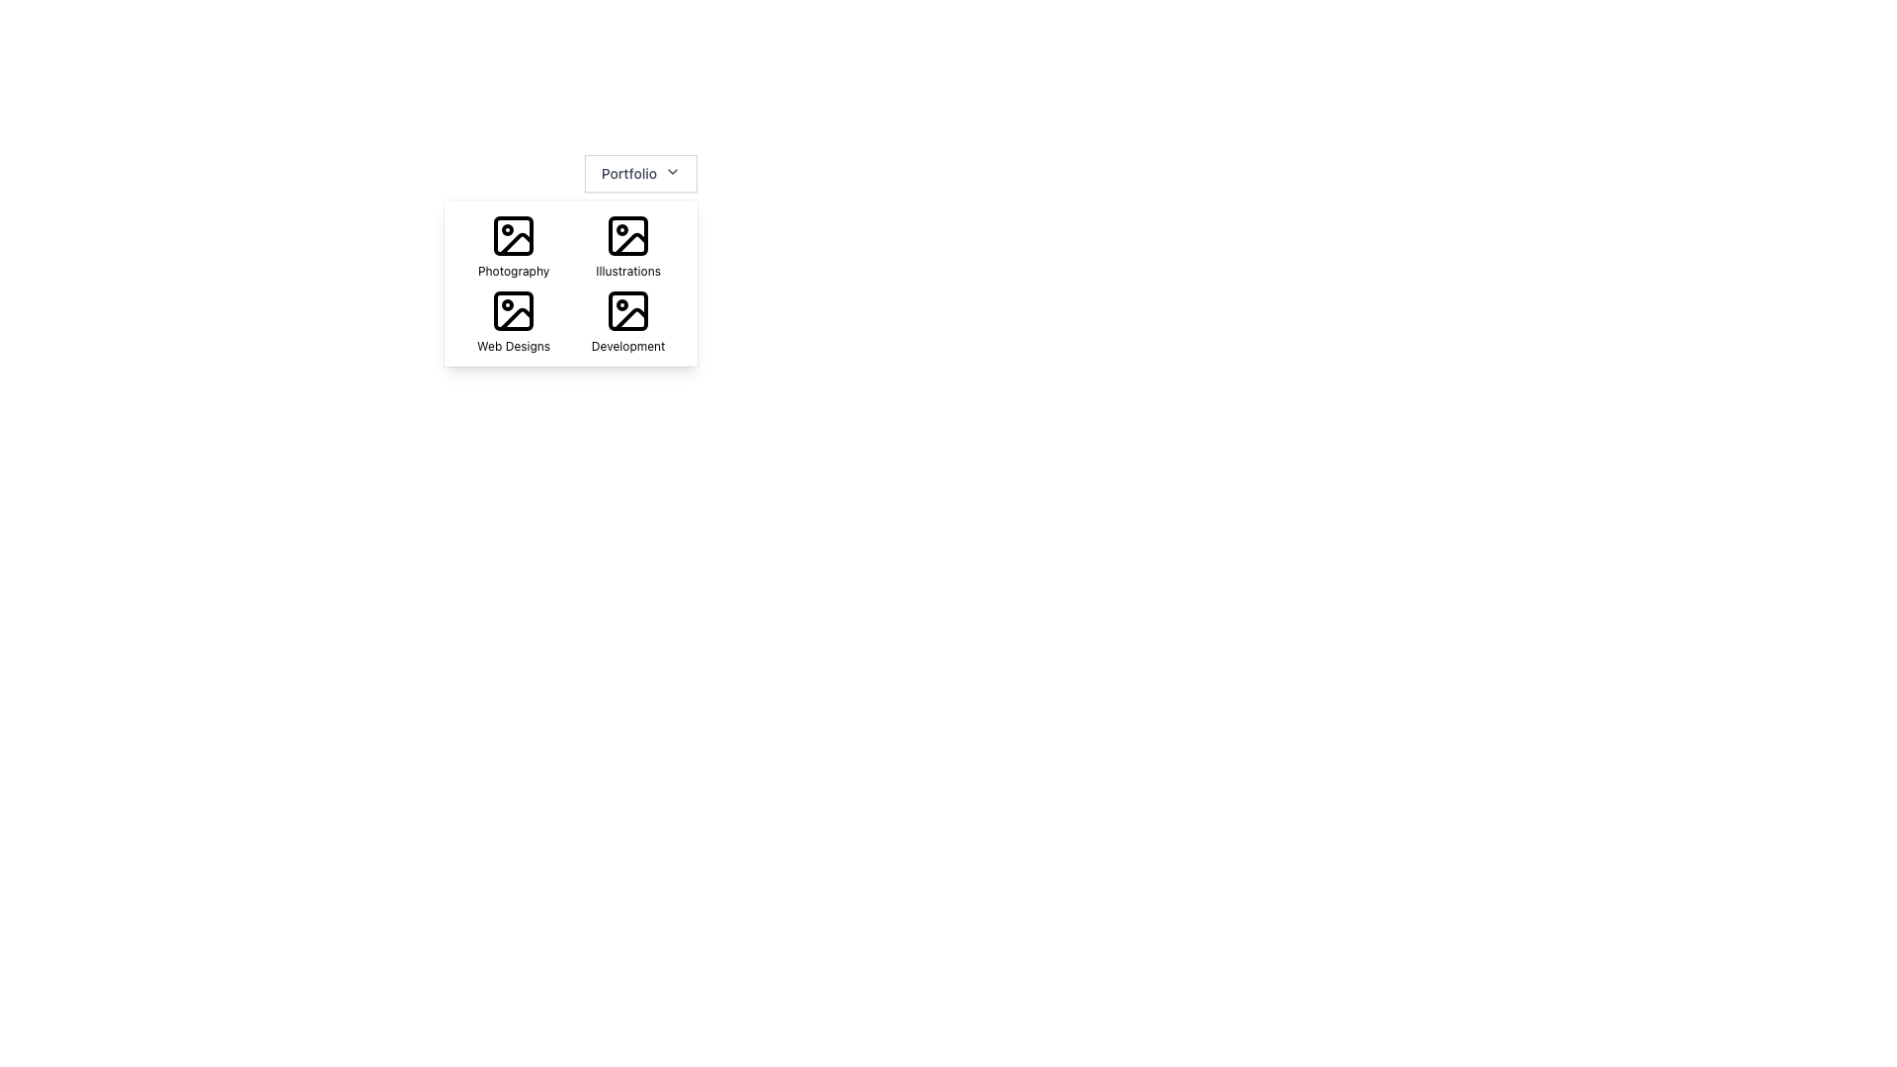 The image size is (1897, 1067). I want to click on the 'Web Designs' icon located at the bottom left of the grid in the drop-down menu, so click(514, 311).